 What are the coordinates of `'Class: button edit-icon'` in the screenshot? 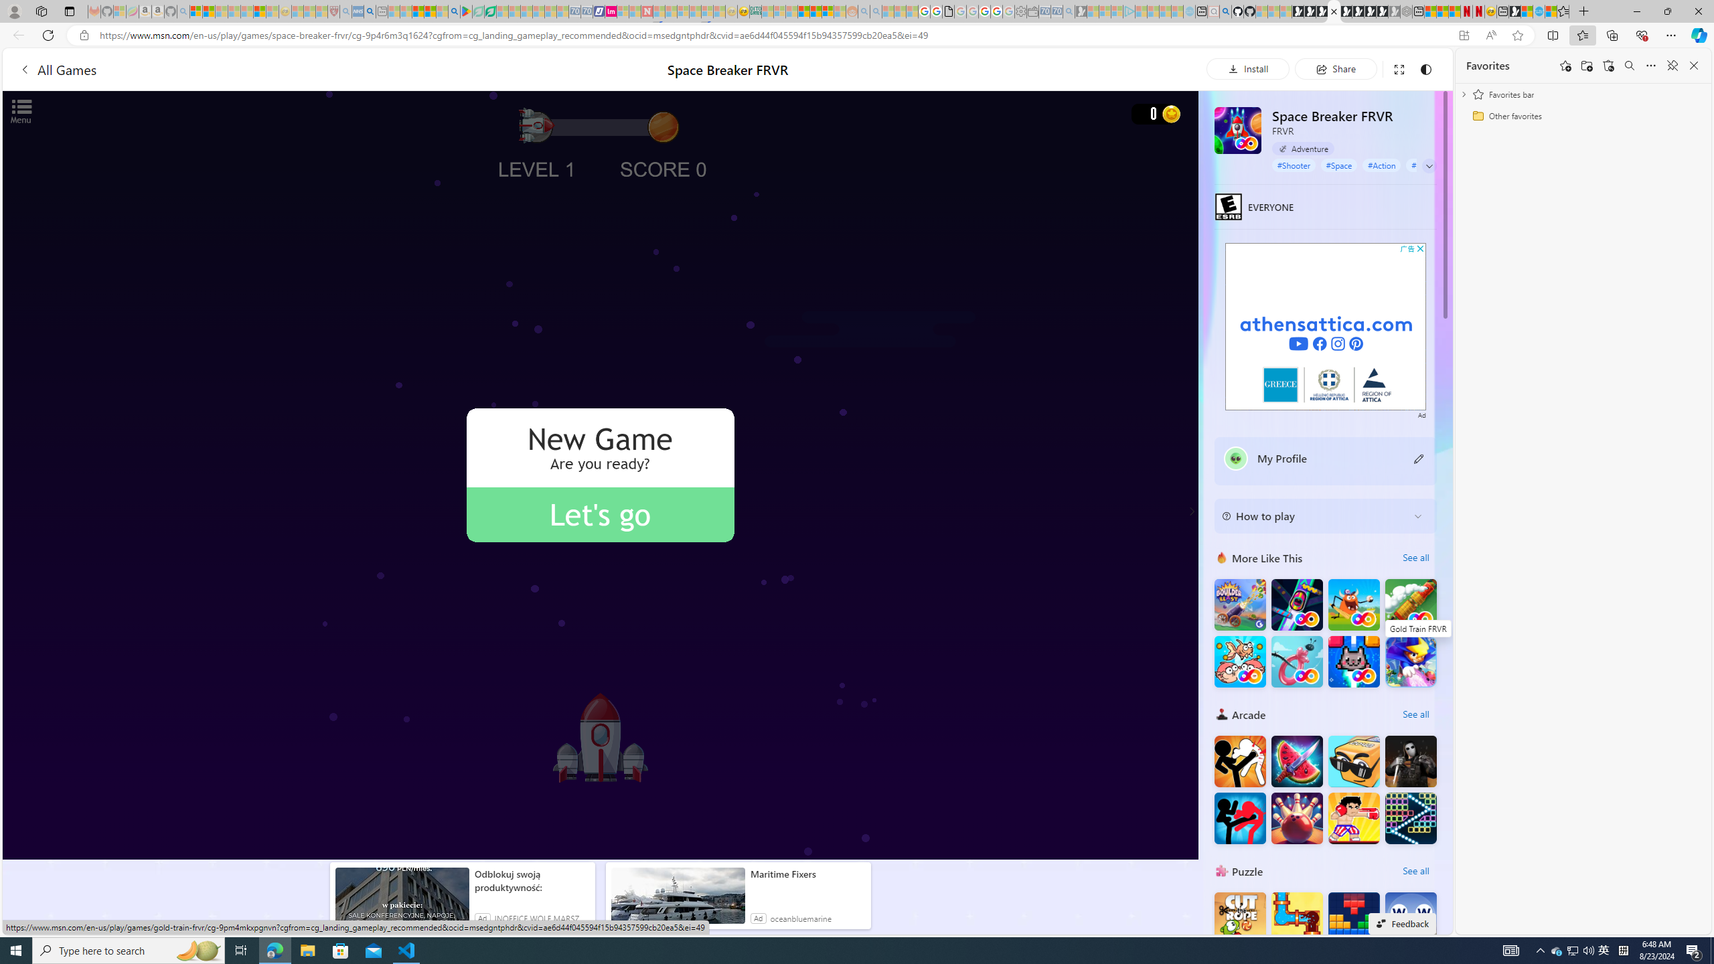 It's located at (1419, 457).